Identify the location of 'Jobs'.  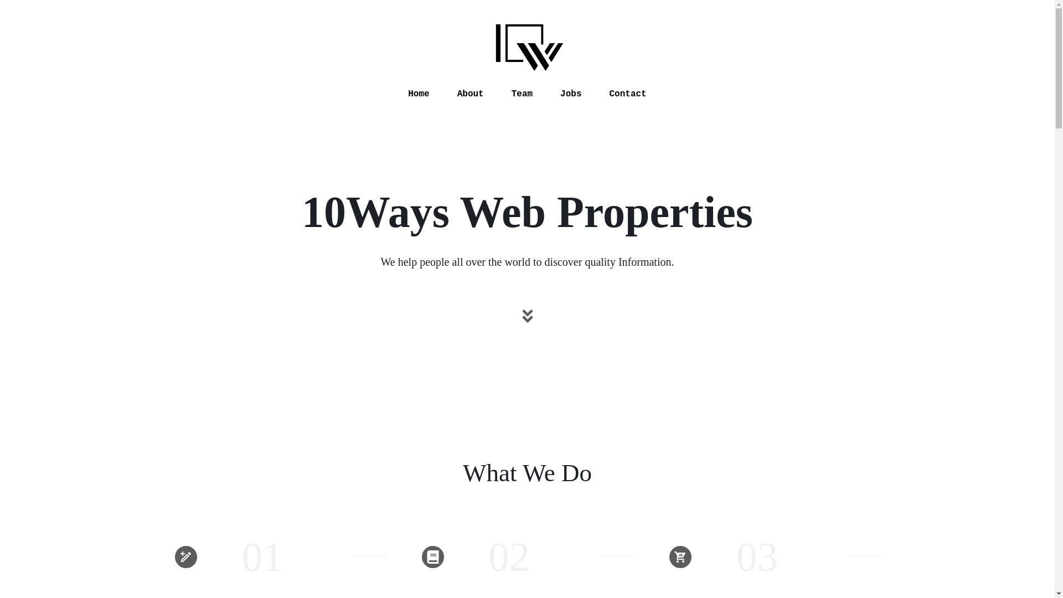
(571, 93).